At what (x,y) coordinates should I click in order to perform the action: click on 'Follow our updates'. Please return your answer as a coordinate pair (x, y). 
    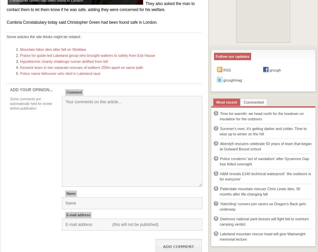
    Looking at the image, I should click on (215, 56).